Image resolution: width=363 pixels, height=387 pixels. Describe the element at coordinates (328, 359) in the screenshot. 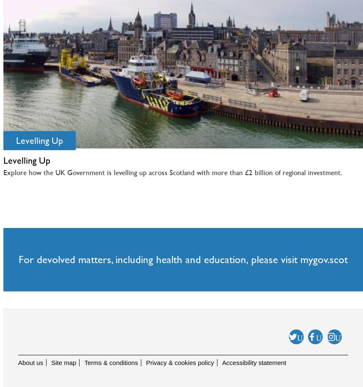

I see `'UK Government Scotland Facebook'` at that location.